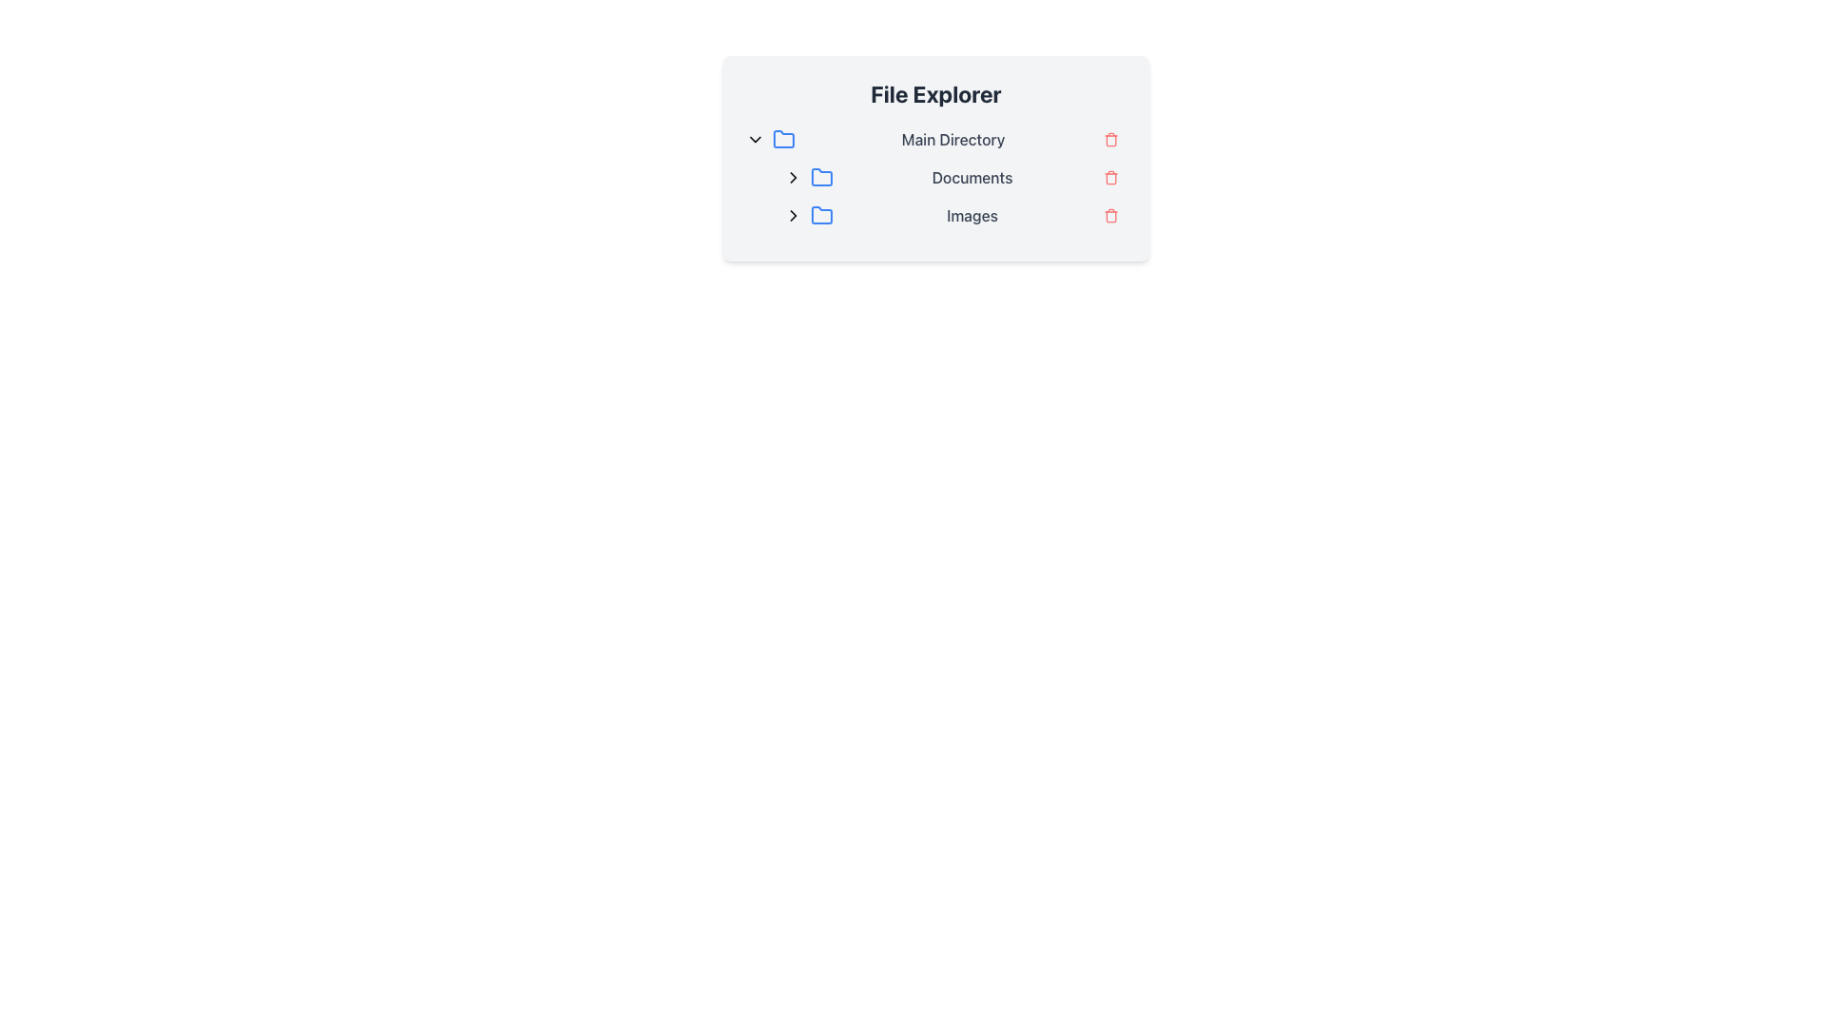 This screenshot has height=1027, width=1827. What do you see at coordinates (935, 177) in the screenshot?
I see `the Breadcrumb navigation display, which indicates the user's current location within the file structure, located centrally below the 'File Explorer' heading` at bounding box center [935, 177].